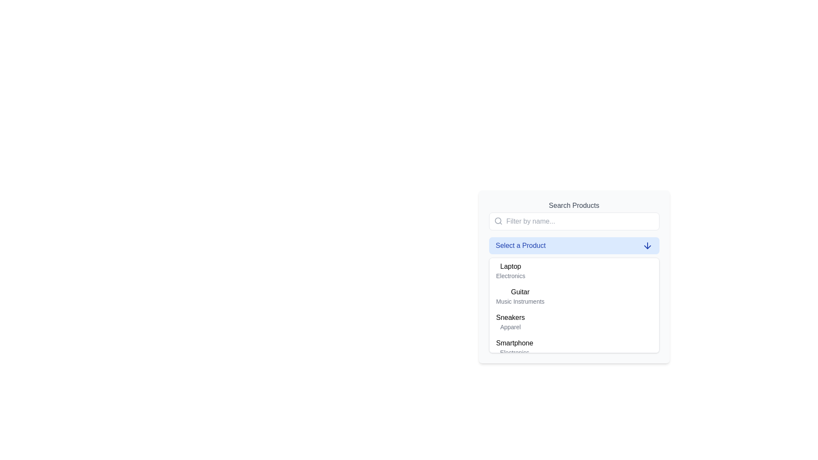  Describe the element at coordinates (520, 292) in the screenshot. I see `the text label displaying 'Guitar'` at that location.